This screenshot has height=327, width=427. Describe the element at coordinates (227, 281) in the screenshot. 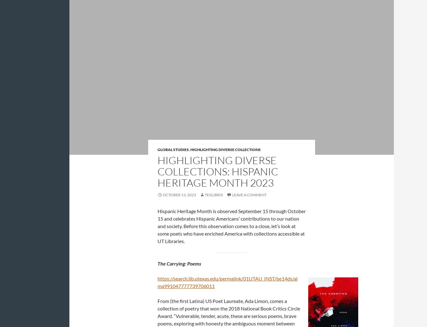

I see `'https://search.lib.utexas.edu/permalink/01UTAU_INST/be14ds/alma991047777739706011'` at that location.